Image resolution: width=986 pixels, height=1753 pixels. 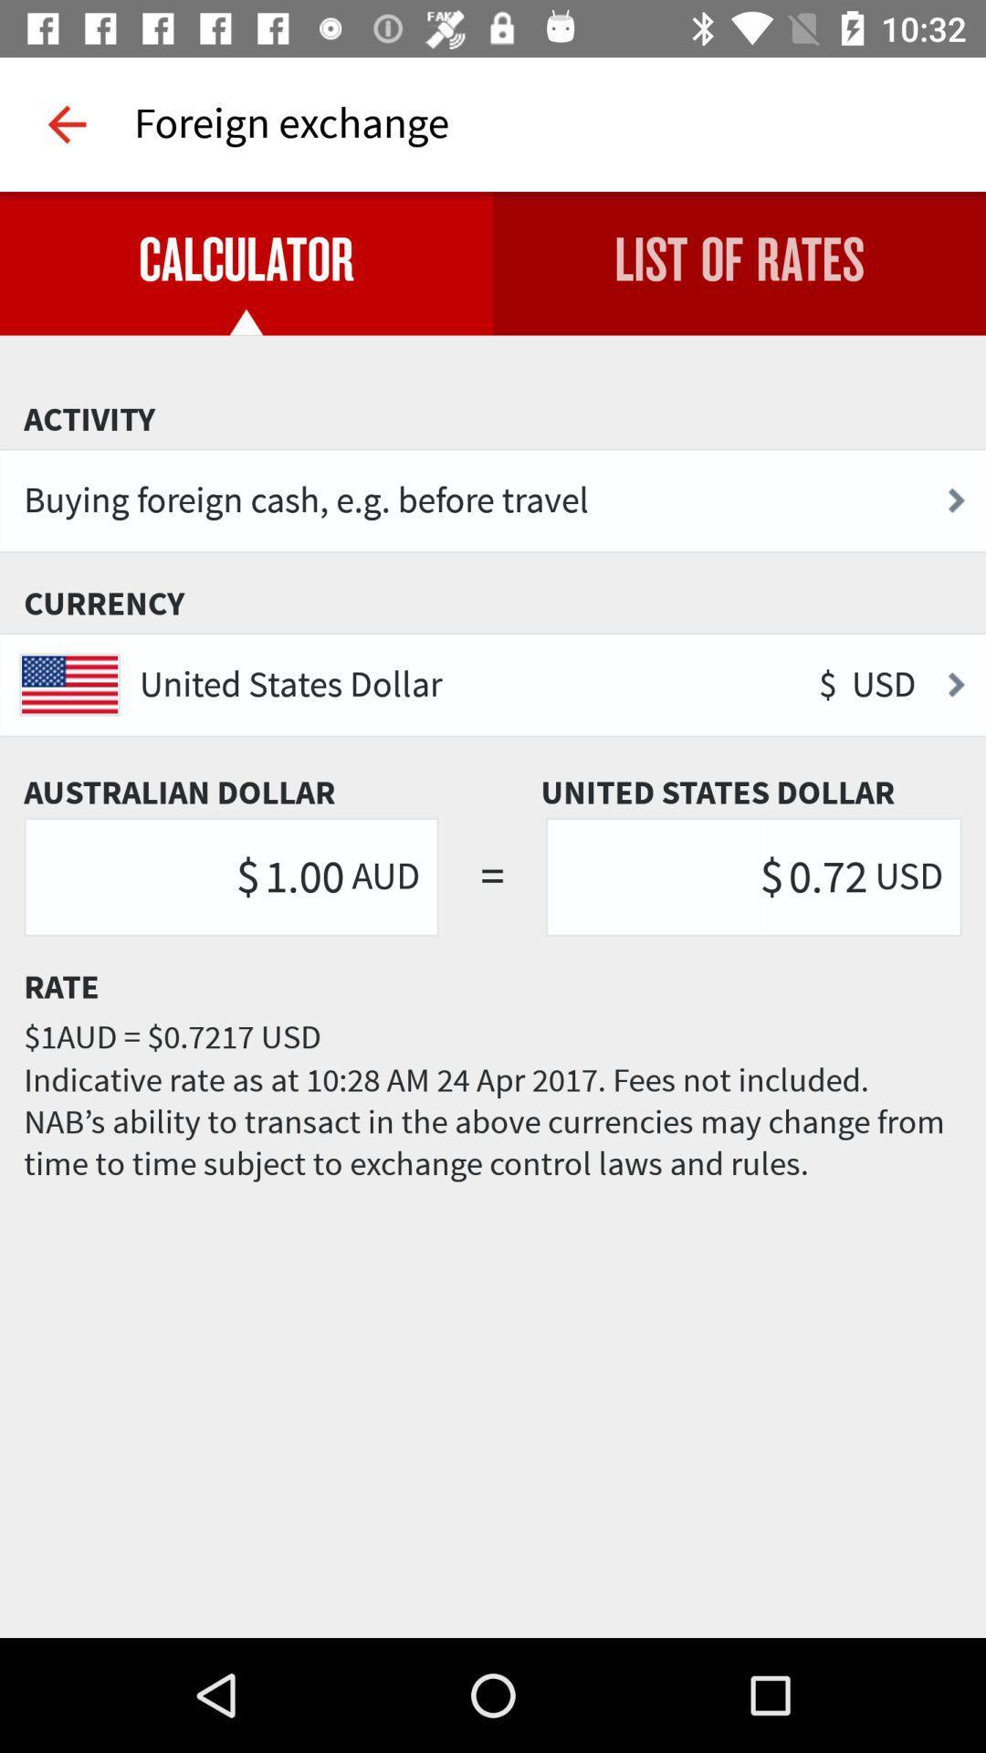 What do you see at coordinates (66, 123) in the screenshot?
I see `the item above the calculator` at bounding box center [66, 123].